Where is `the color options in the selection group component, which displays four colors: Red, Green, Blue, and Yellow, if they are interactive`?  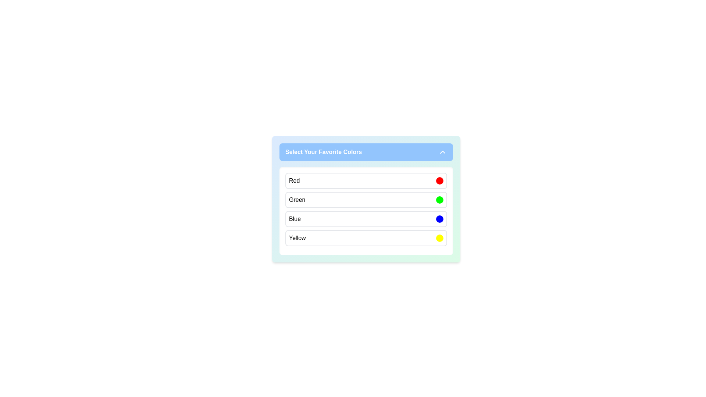
the color options in the selection group component, which displays four colors: Red, Green, Blue, and Yellow, if they are interactive is located at coordinates (366, 211).